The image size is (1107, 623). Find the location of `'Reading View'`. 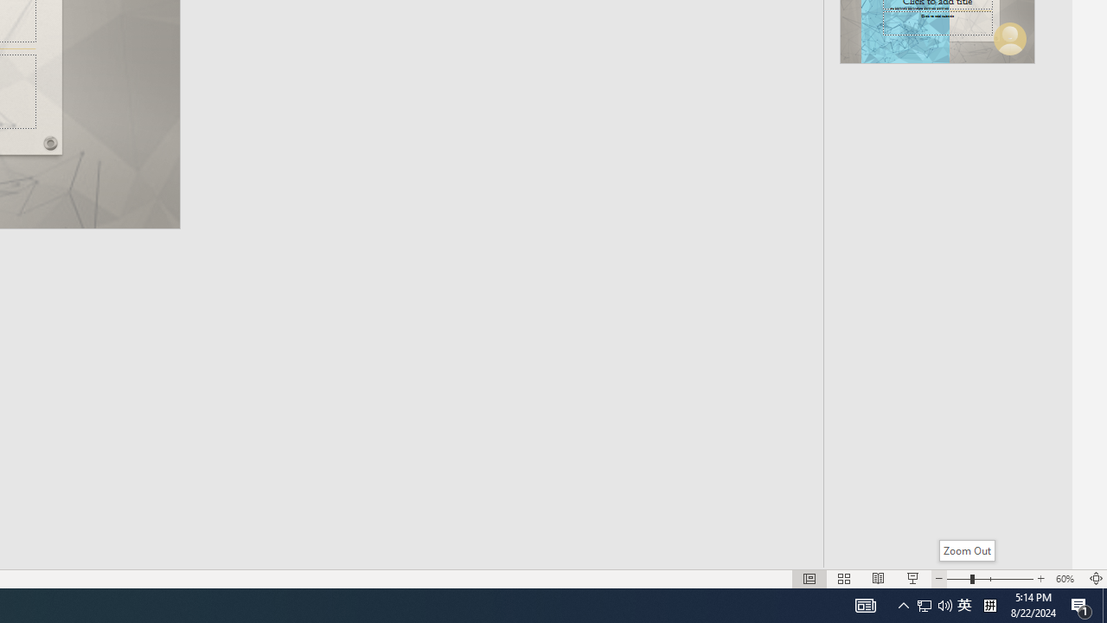

'Reading View' is located at coordinates (878, 579).